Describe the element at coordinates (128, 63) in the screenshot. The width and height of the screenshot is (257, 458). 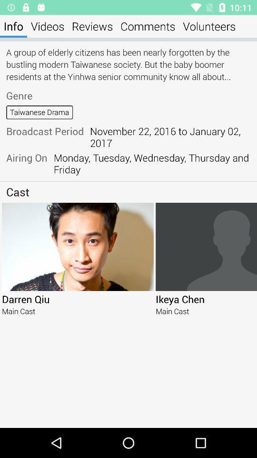
I see `a group of` at that location.